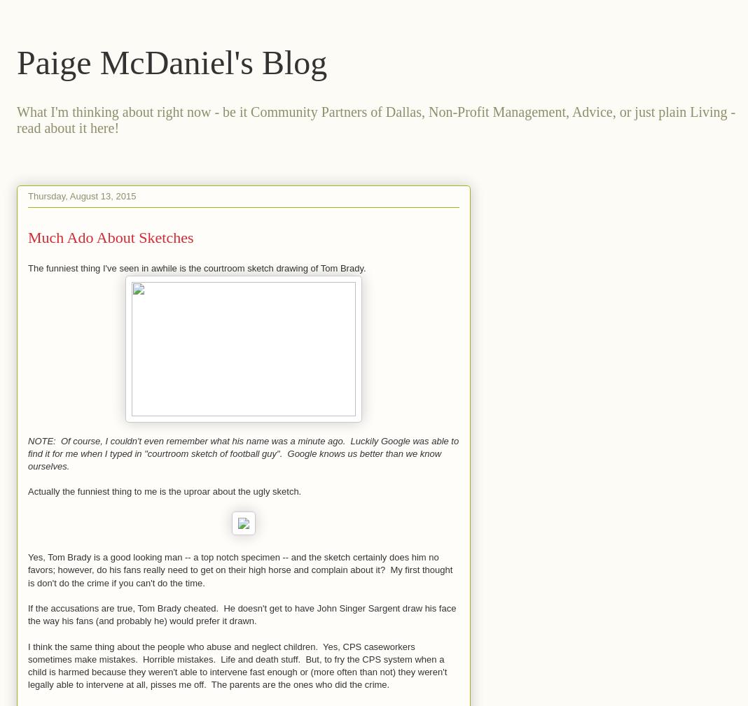 Image resolution: width=748 pixels, height=706 pixels. I want to click on 'Yes, Tom Brady is a good looking man -- a top notch specimen -- and the sketch certainly does him no favors; however, do his fans really need to get on their high horse and complain about it?  My first thought is don't do the crime if you can't do the time.', so click(240, 570).